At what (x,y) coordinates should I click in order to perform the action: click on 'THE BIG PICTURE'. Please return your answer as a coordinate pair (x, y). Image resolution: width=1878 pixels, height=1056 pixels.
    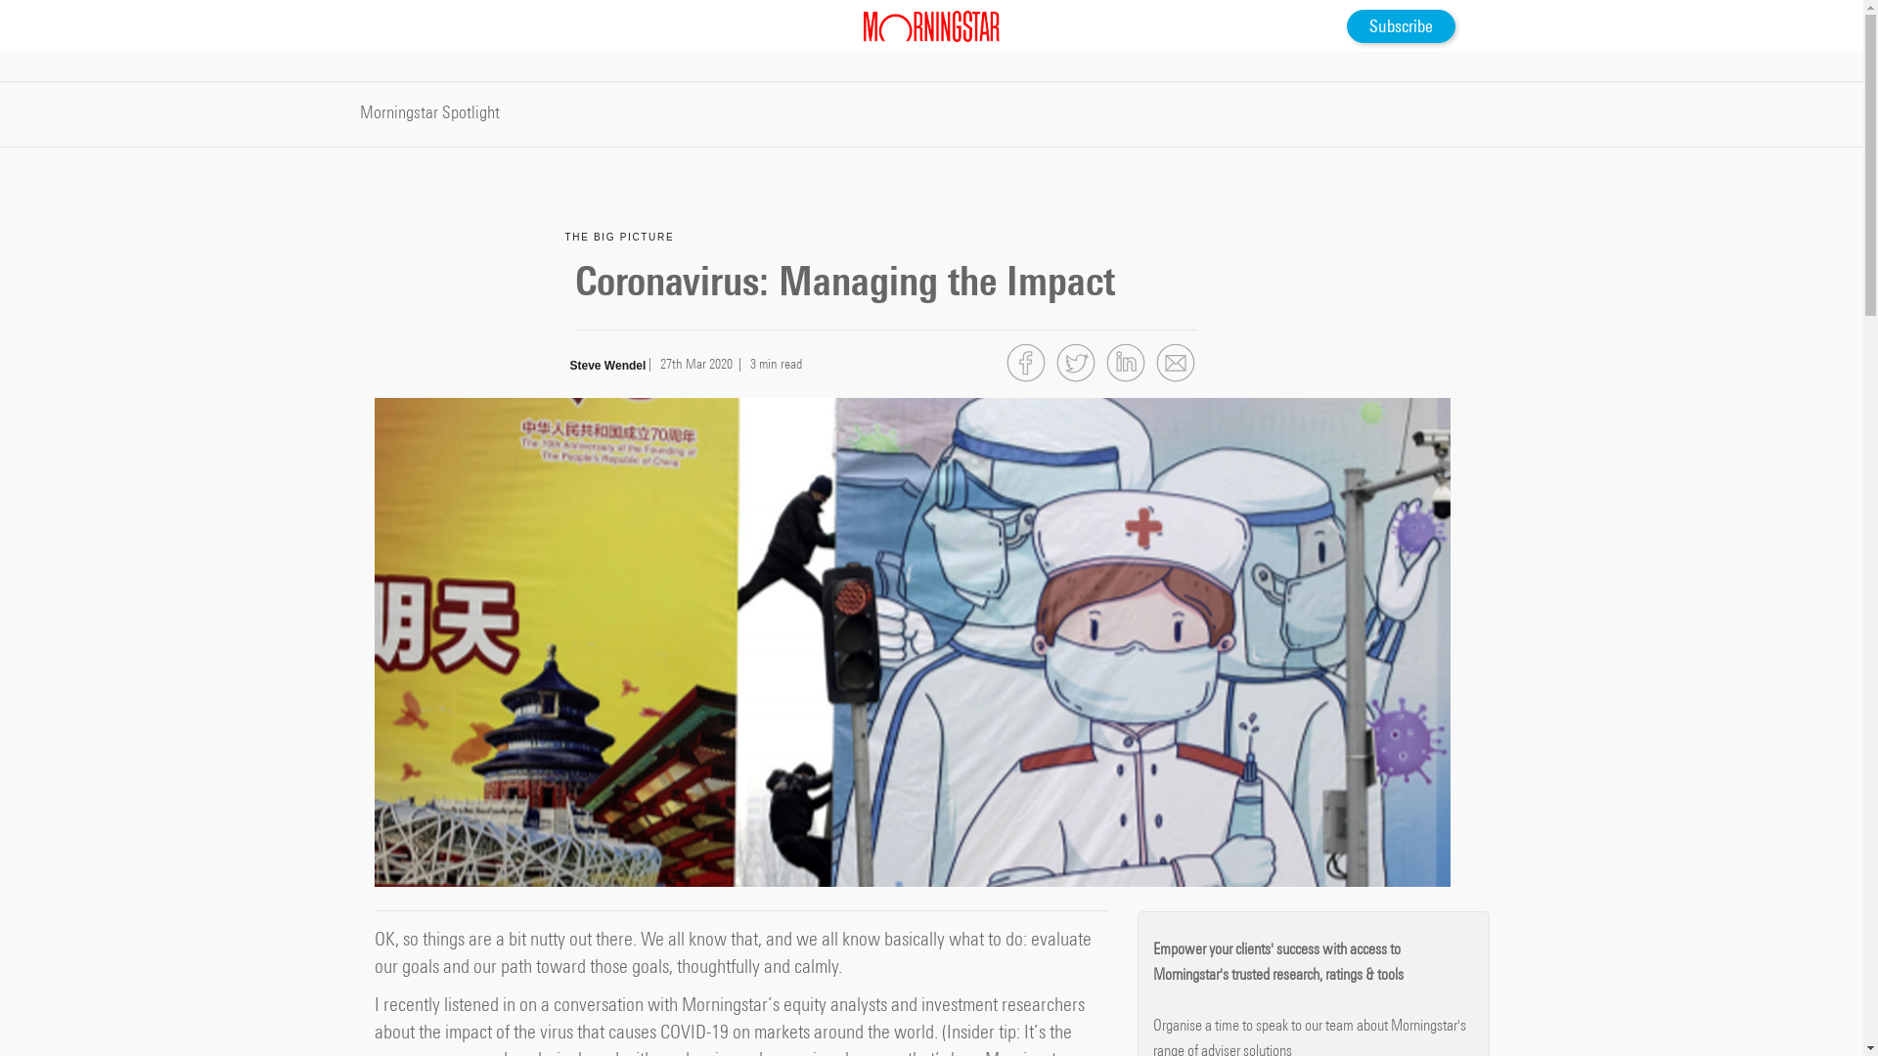
    Looking at the image, I should click on (563, 236).